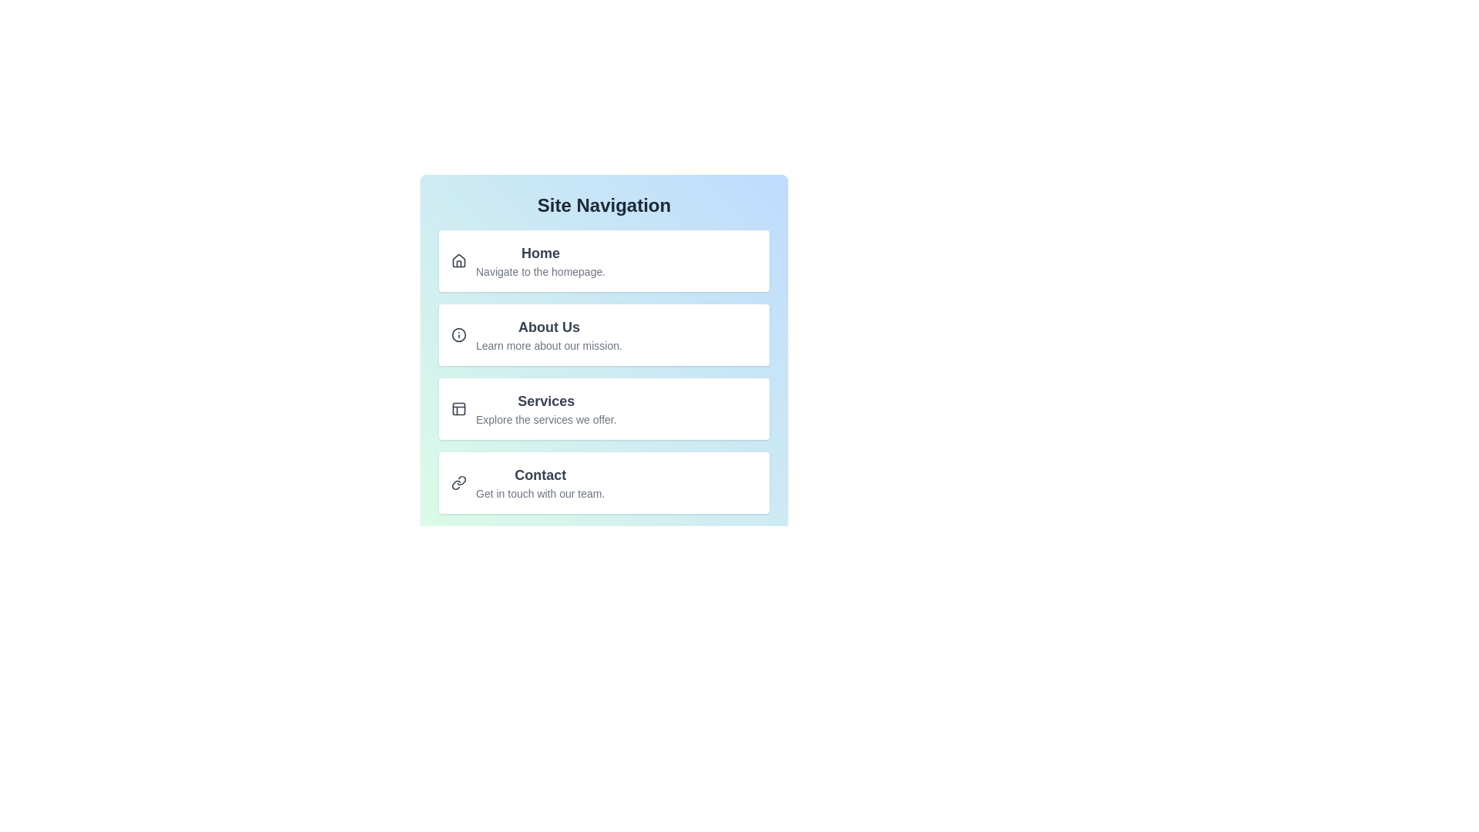 This screenshot has width=1479, height=832. What do you see at coordinates (541, 260) in the screenshot?
I see `the navigation link text that directs the user to the homepage, positioned first in the vertical list of options under 'Site Navigation'` at bounding box center [541, 260].